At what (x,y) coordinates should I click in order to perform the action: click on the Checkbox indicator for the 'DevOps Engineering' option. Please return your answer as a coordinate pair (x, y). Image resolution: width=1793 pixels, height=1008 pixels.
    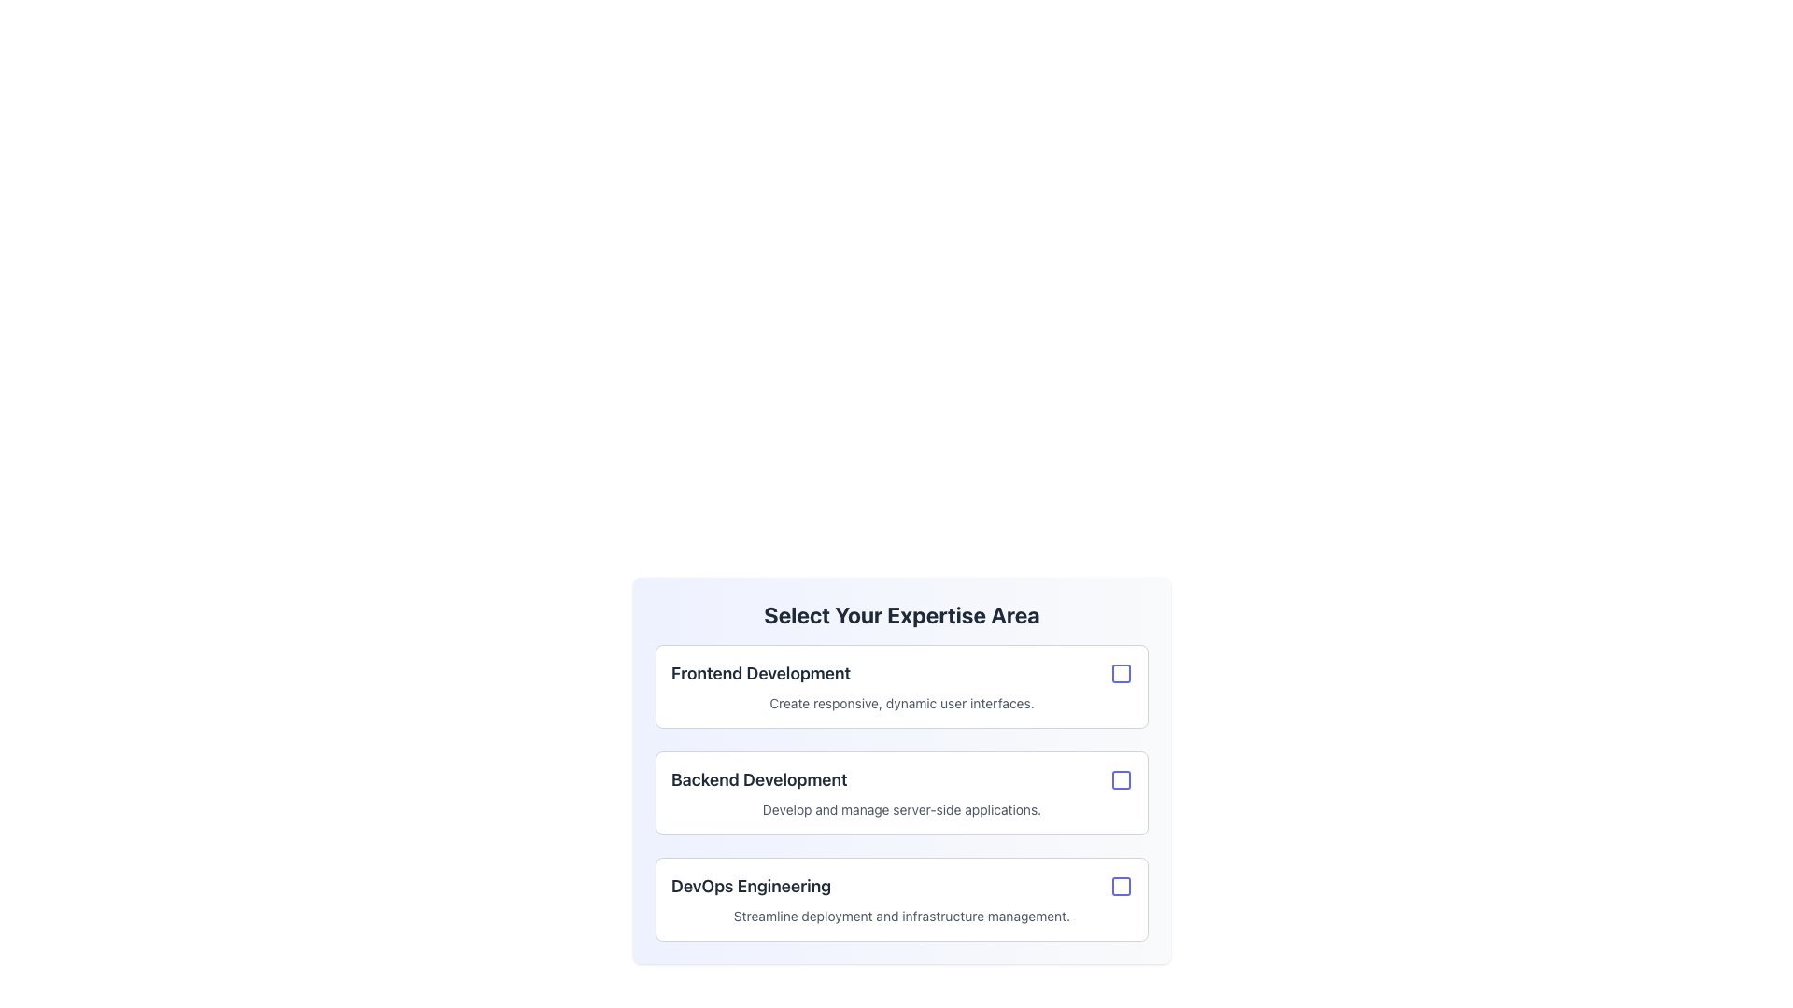
    Looking at the image, I should click on (1121, 885).